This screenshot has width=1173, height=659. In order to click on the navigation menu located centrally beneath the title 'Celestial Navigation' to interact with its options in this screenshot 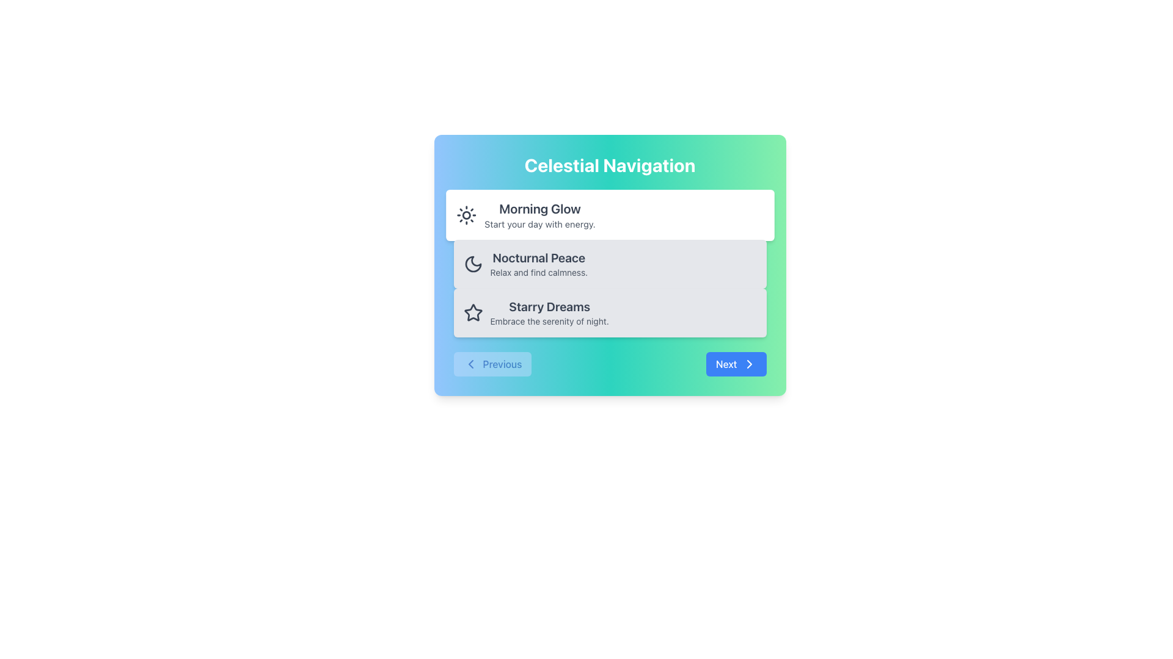, I will do `click(610, 263)`.